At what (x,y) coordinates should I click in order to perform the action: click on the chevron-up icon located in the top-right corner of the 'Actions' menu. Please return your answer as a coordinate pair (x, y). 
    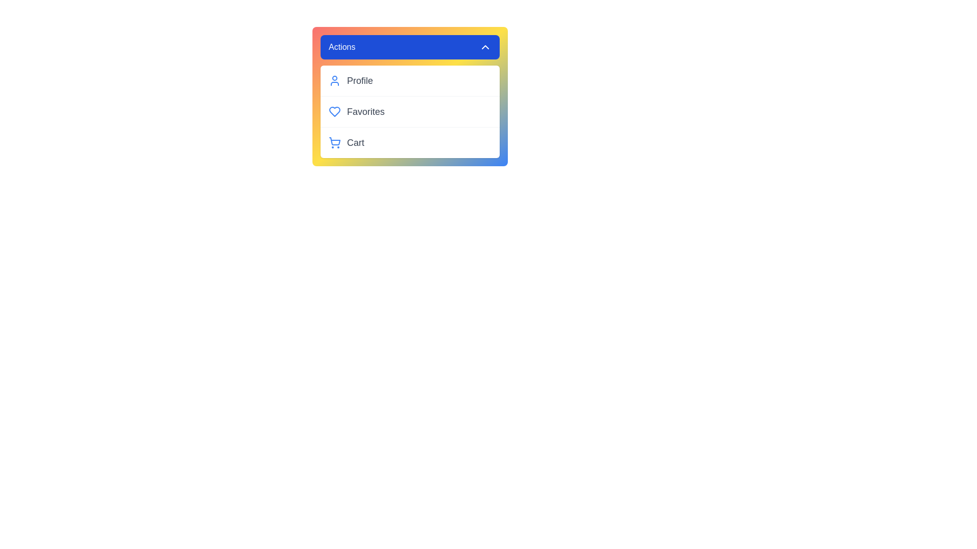
    Looking at the image, I should click on (485, 47).